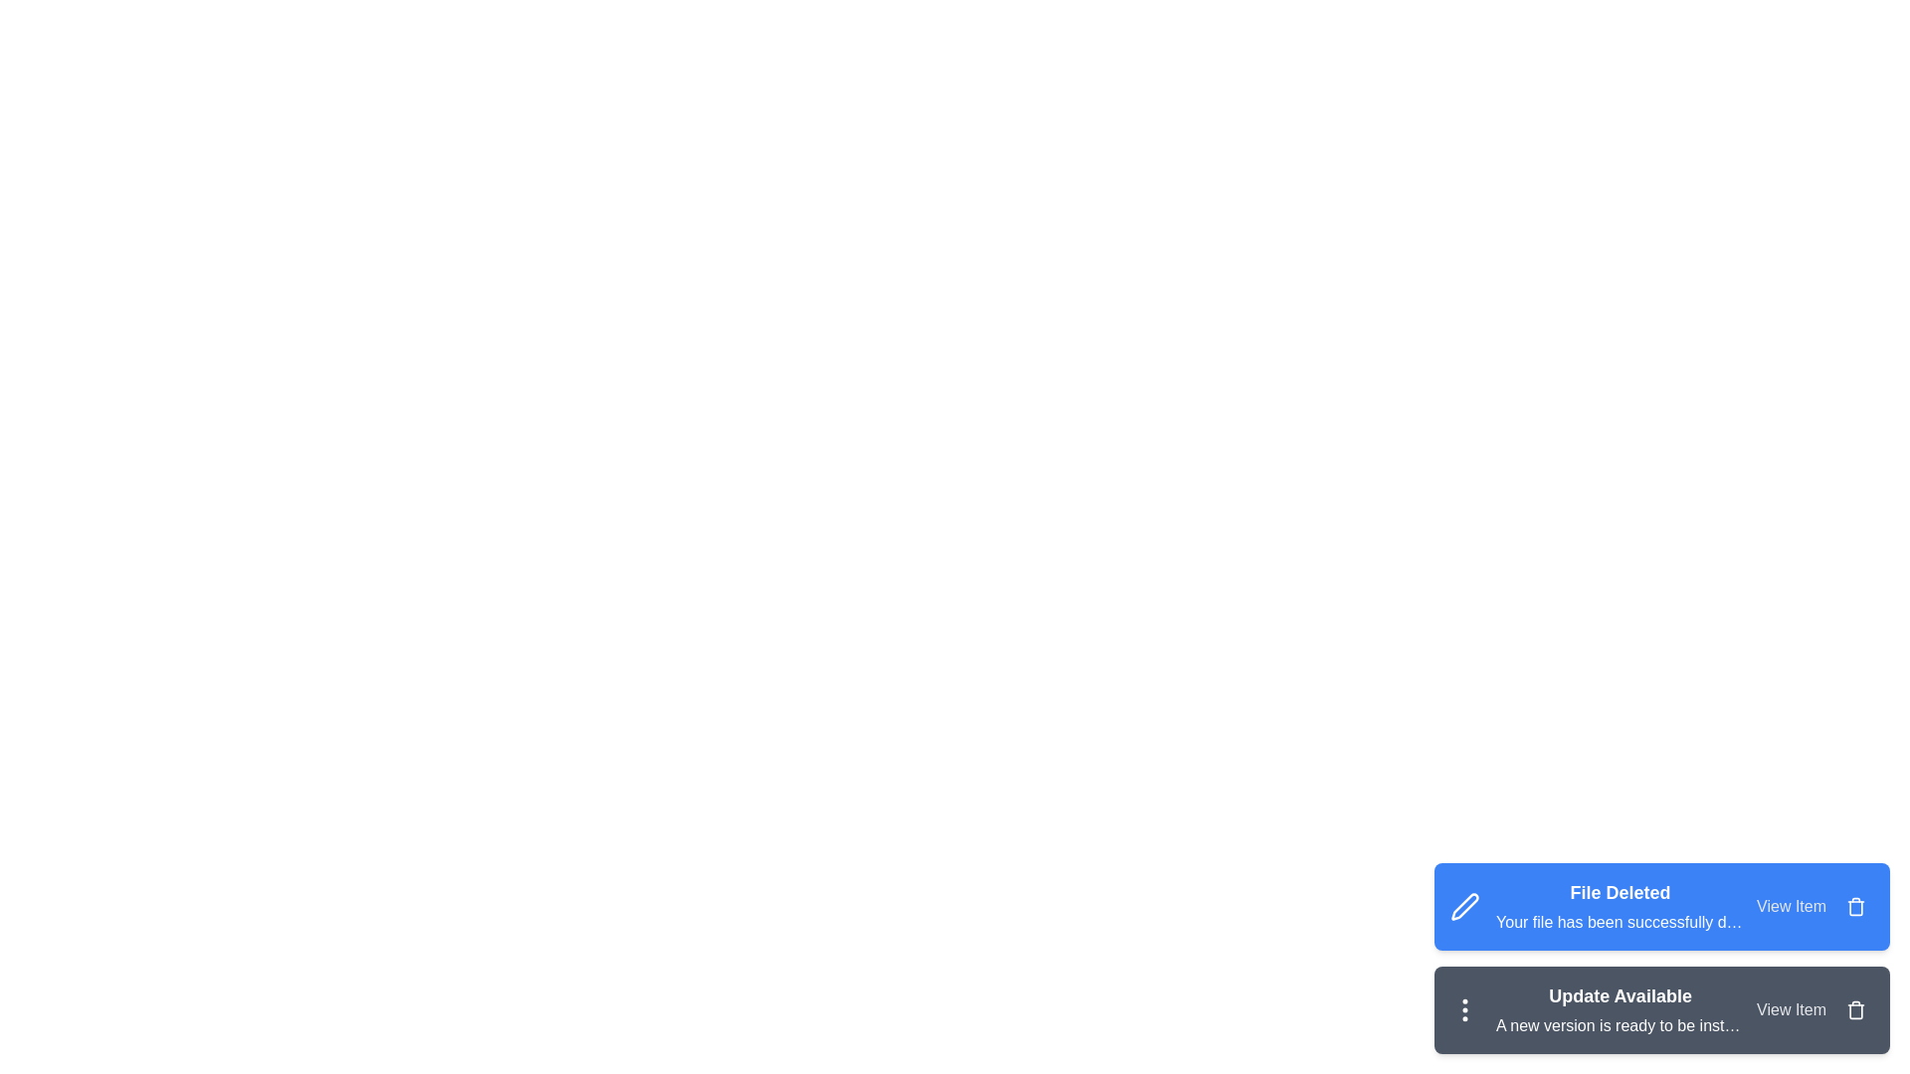 This screenshot has width=1910, height=1074. What do you see at coordinates (1791, 906) in the screenshot?
I see `the 'View Item' button for the notification titled 'File Deleted'` at bounding box center [1791, 906].